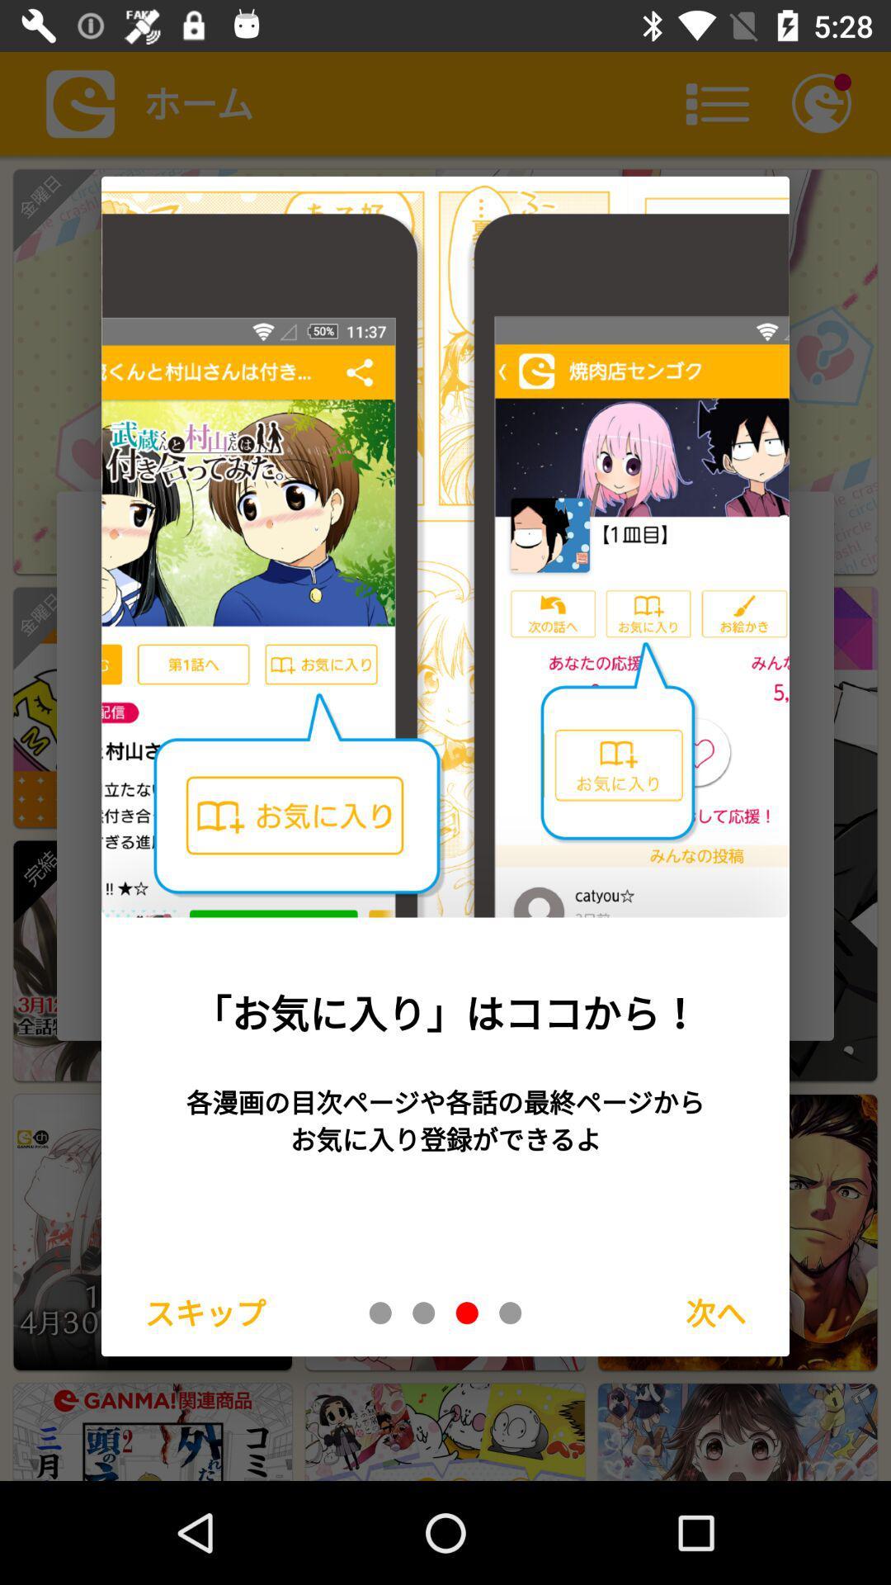 The width and height of the screenshot is (891, 1585). Describe the element at coordinates (380, 1312) in the screenshot. I see `go back` at that location.